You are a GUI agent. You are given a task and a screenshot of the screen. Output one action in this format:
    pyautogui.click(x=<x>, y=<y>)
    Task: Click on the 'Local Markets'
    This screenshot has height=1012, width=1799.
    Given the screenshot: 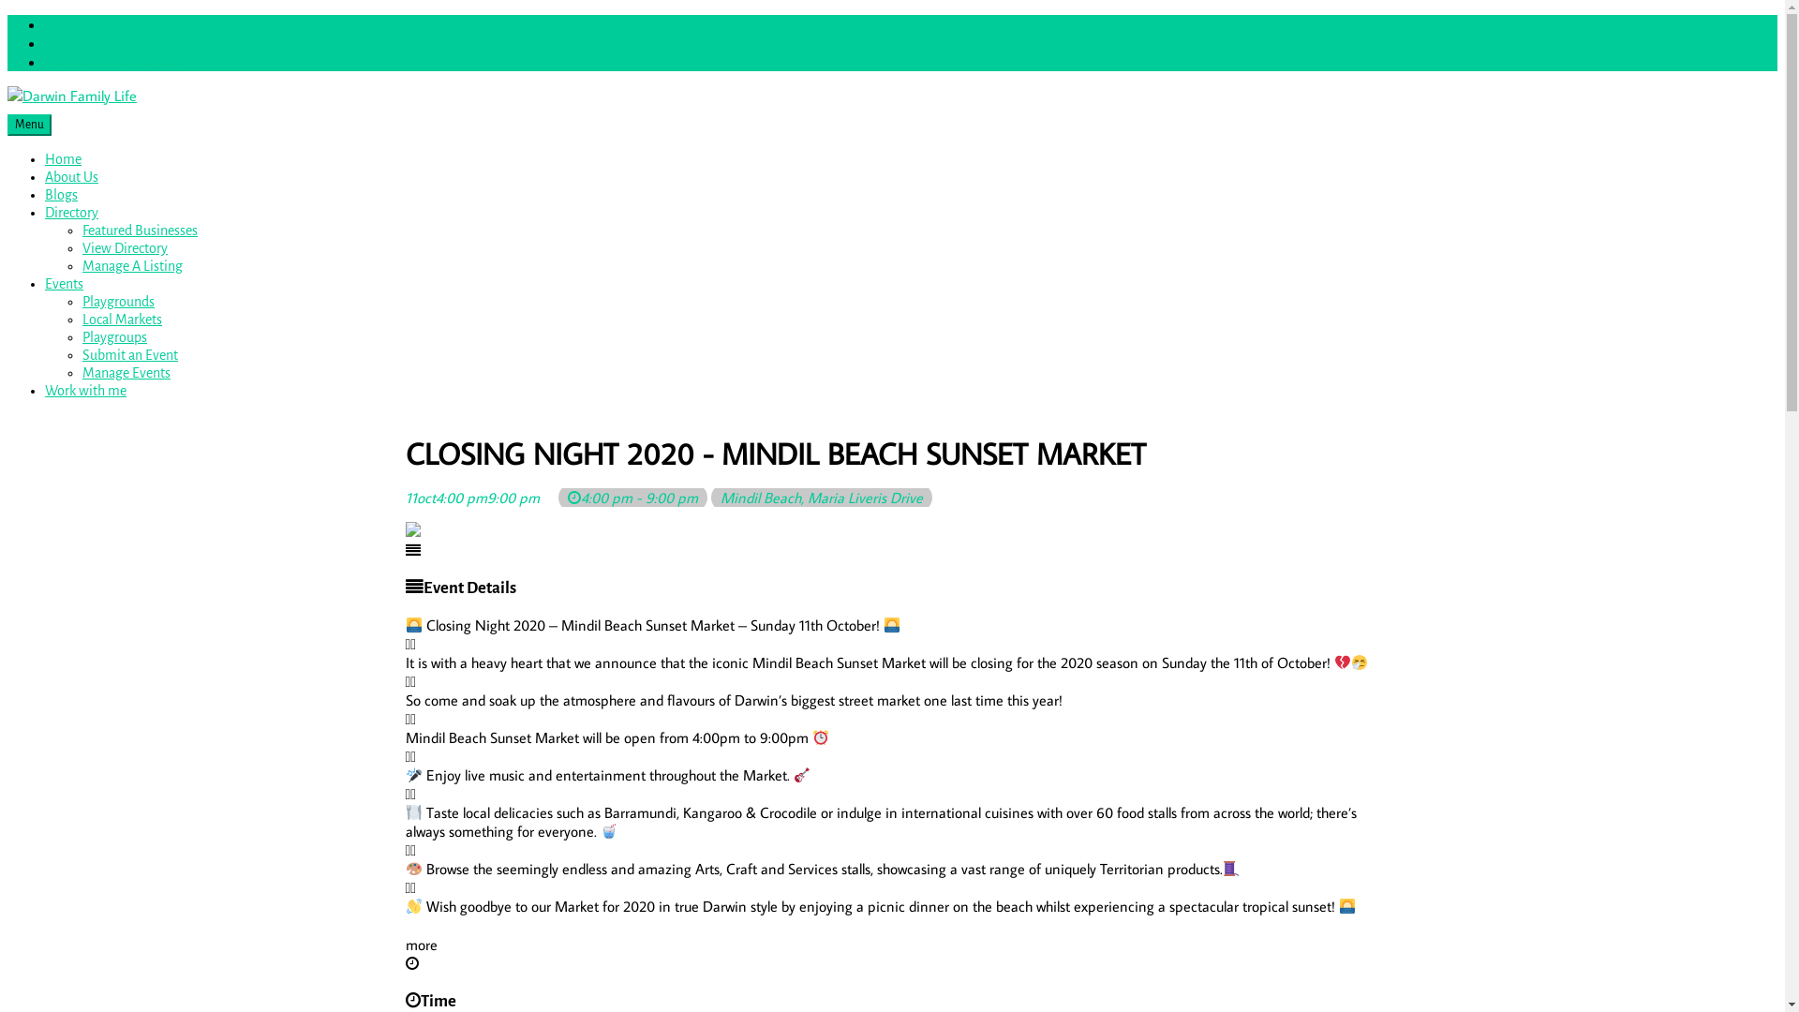 What is the action you would take?
    pyautogui.click(x=121, y=318)
    